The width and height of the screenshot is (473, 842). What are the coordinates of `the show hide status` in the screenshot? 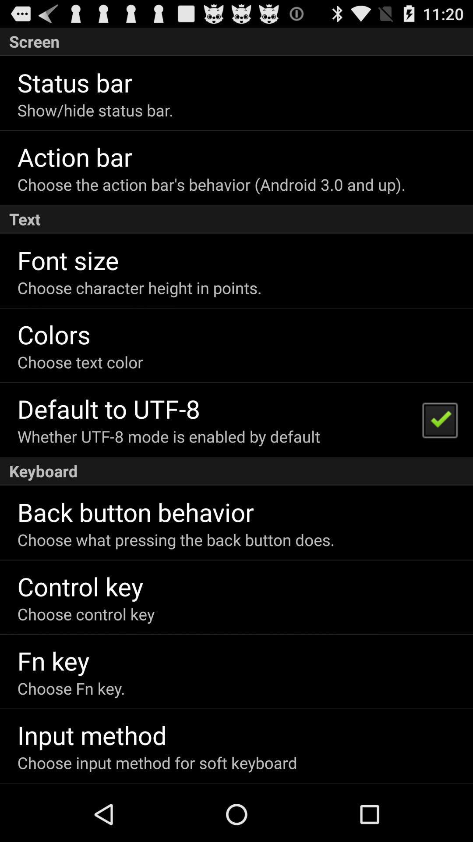 It's located at (95, 110).